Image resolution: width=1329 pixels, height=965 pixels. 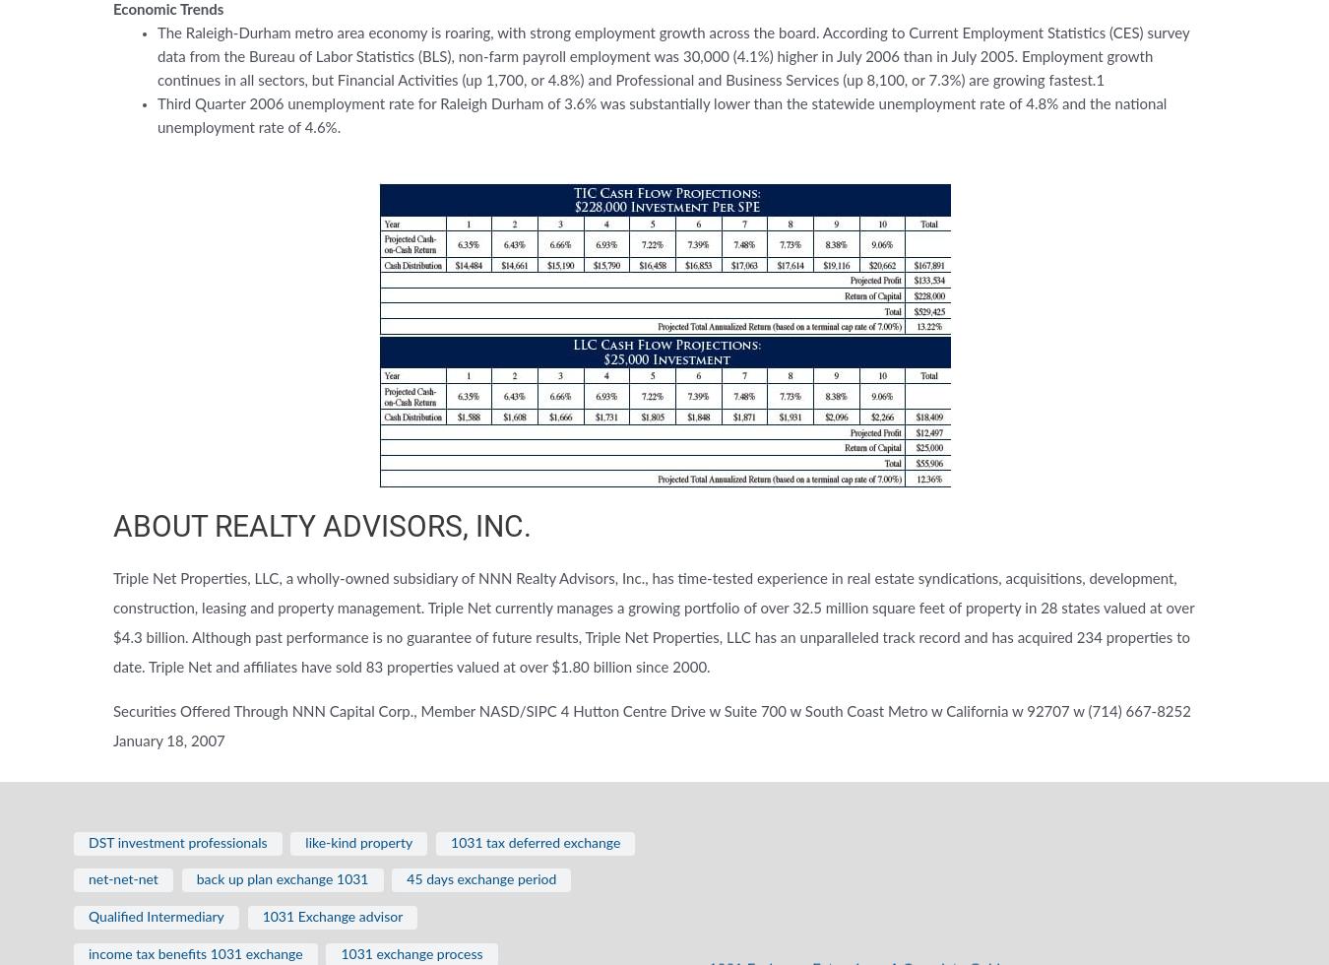 What do you see at coordinates (358, 843) in the screenshot?
I see `'like-kind property'` at bounding box center [358, 843].